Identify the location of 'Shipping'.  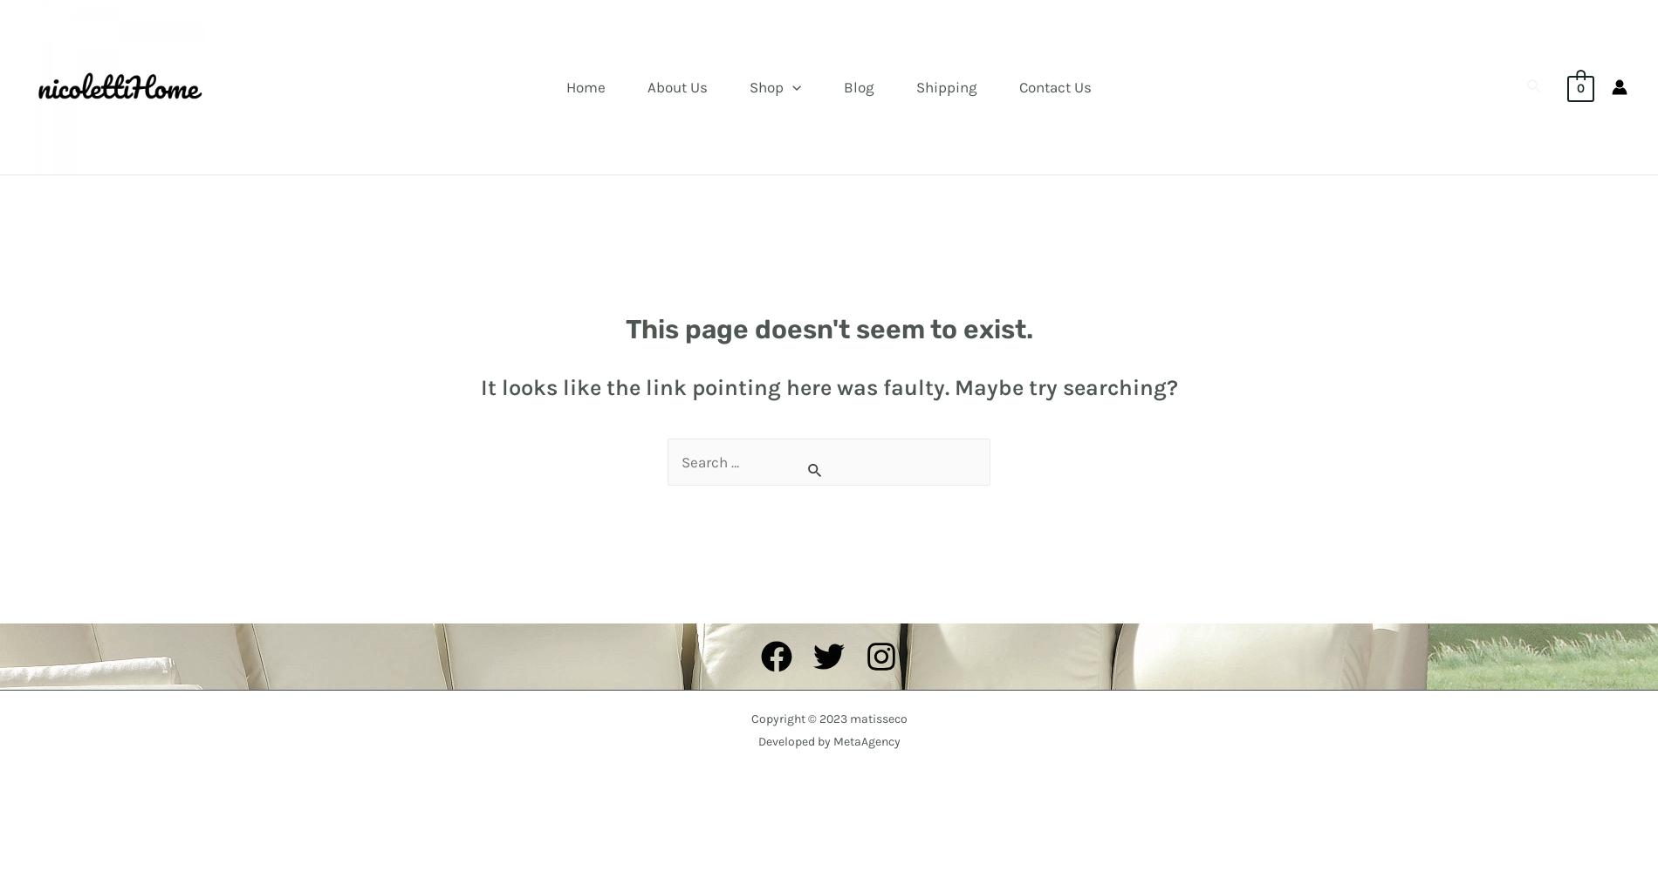
(915, 86).